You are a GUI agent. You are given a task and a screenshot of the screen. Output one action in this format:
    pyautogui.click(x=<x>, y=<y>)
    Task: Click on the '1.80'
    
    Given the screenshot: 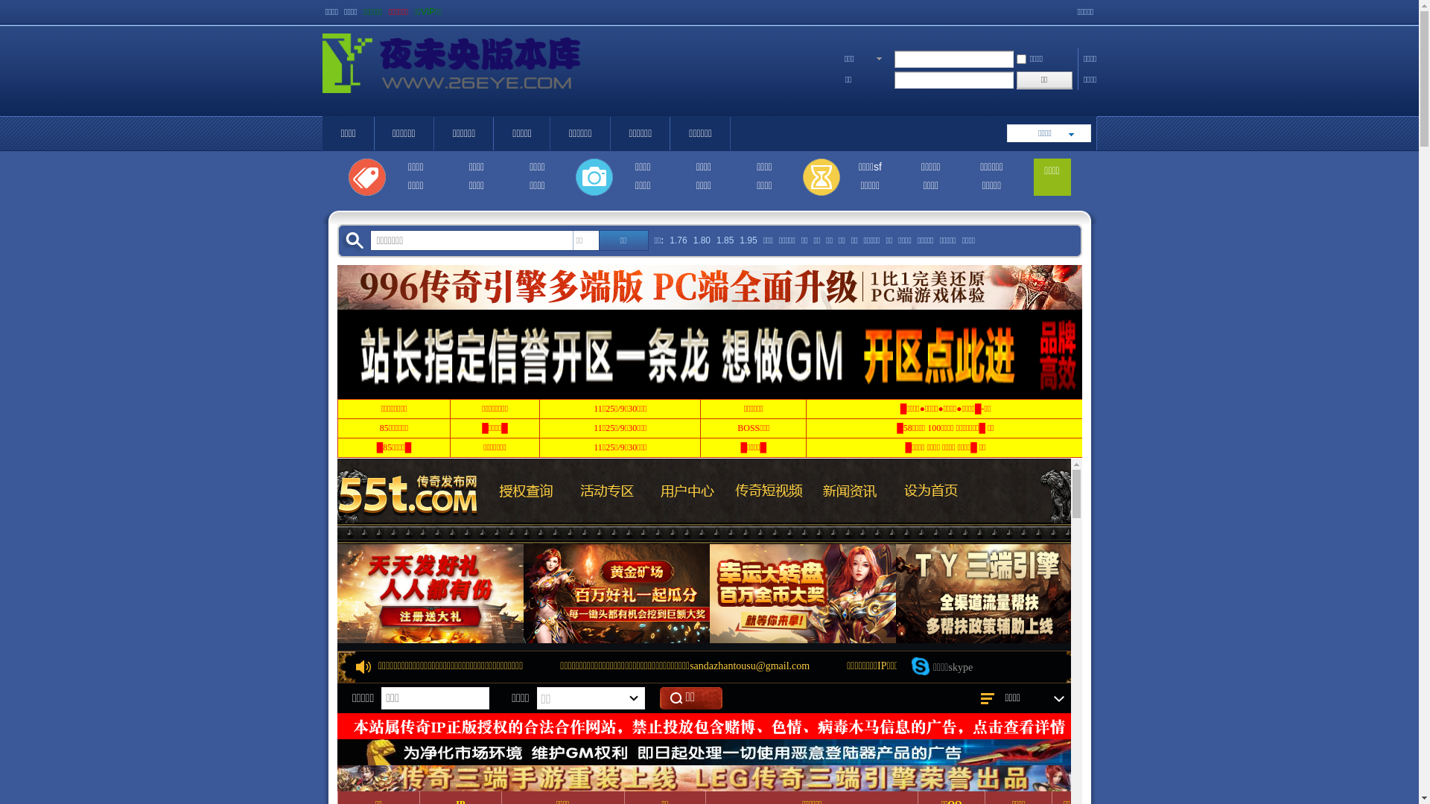 What is the action you would take?
    pyautogui.click(x=701, y=240)
    